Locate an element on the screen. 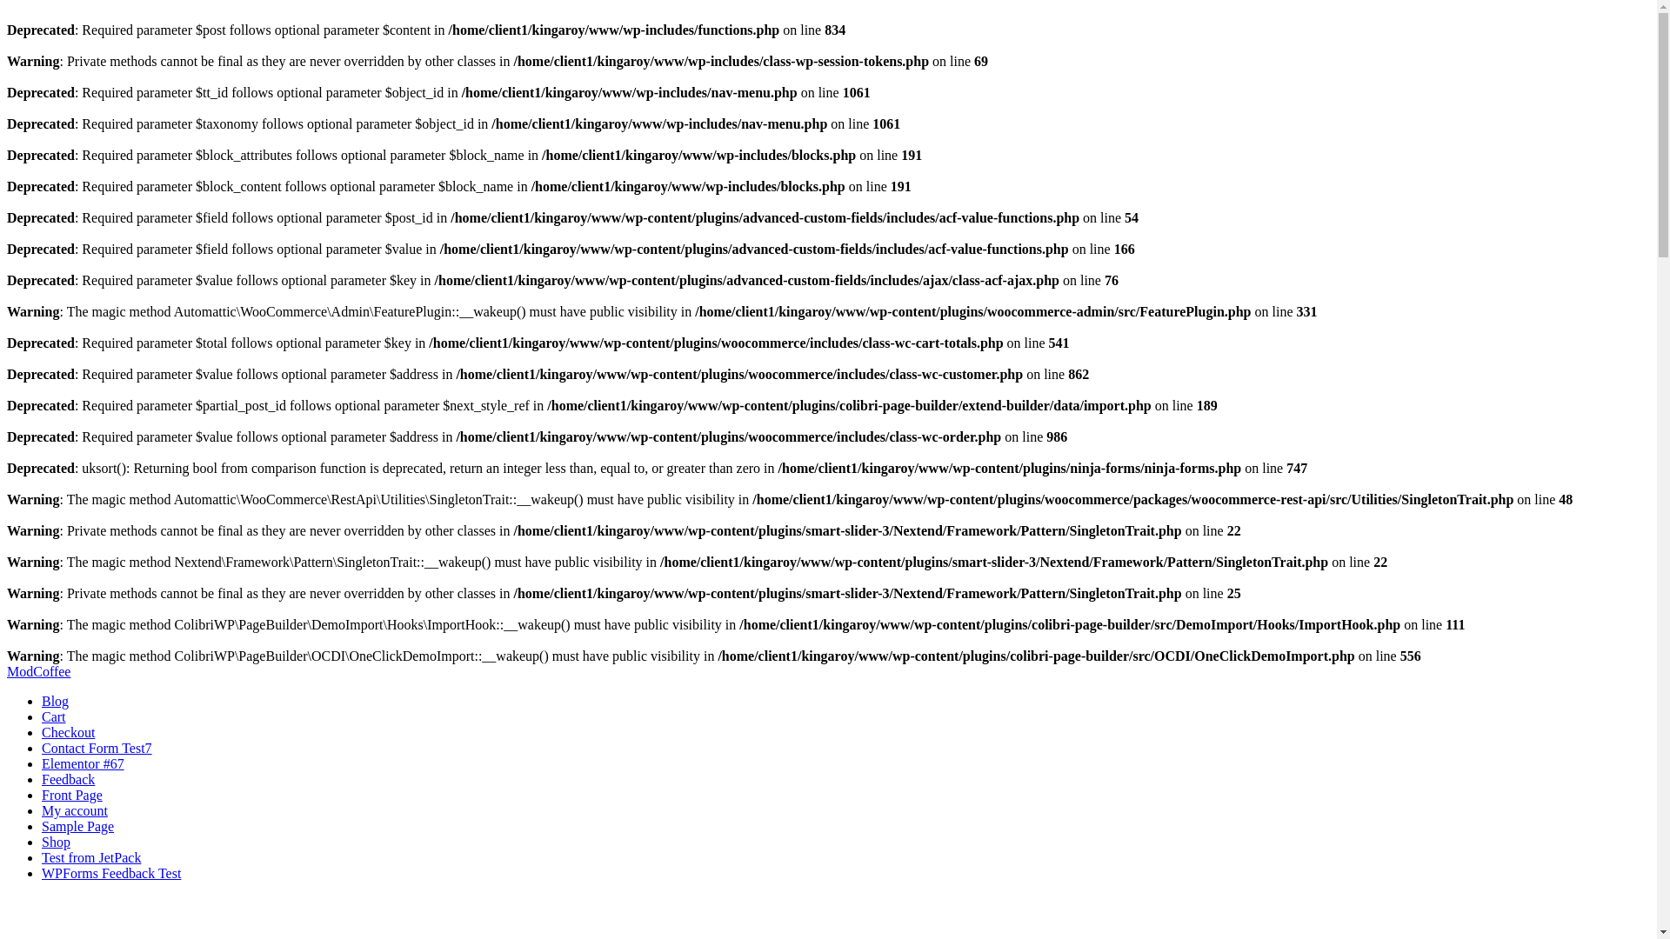 The width and height of the screenshot is (1670, 939). 'Shop' is located at coordinates (56, 841).